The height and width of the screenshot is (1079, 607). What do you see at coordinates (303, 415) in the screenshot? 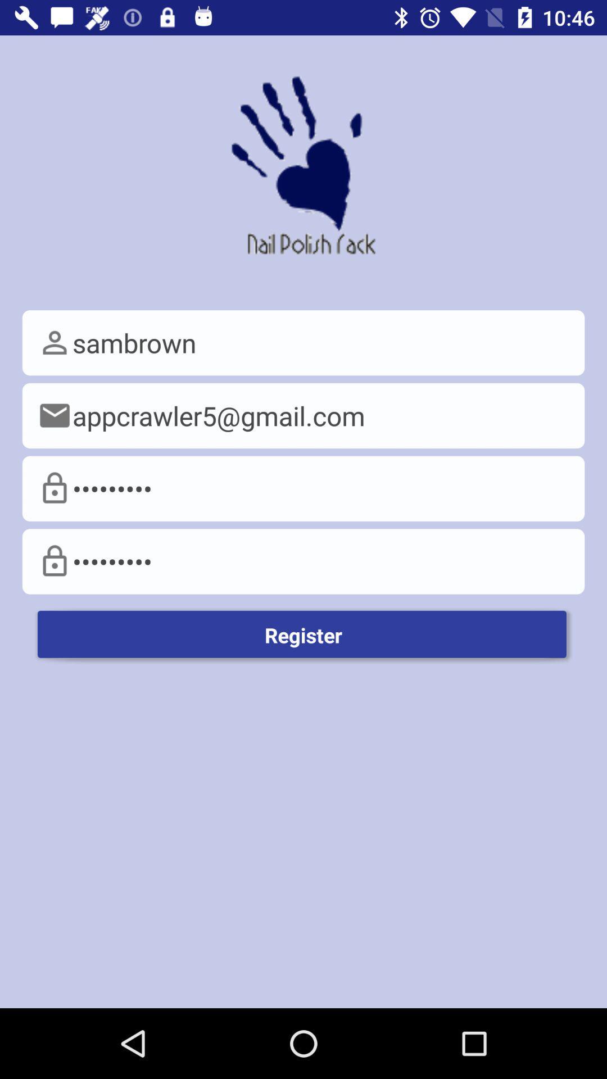
I see `the item above the crowd3116` at bounding box center [303, 415].